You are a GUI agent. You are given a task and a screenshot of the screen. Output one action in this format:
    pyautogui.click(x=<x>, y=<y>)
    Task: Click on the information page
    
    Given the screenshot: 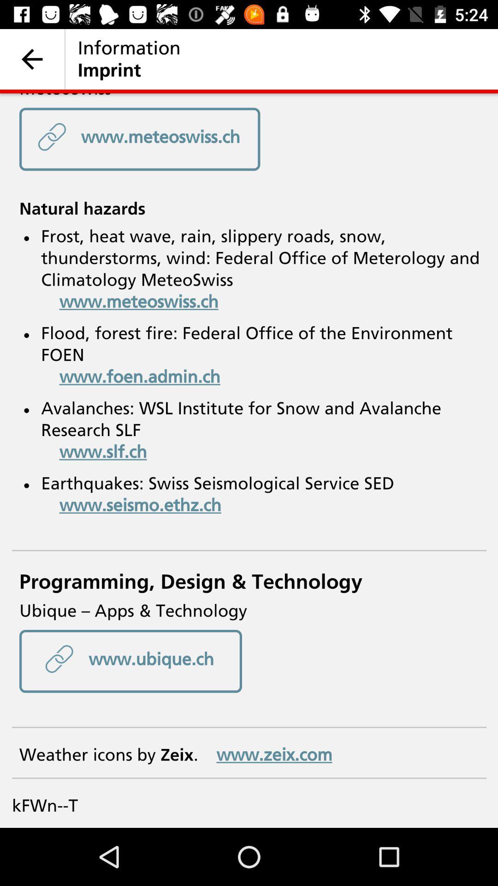 What is the action you would take?
    pyautogui.click(x=249, y=461)
    